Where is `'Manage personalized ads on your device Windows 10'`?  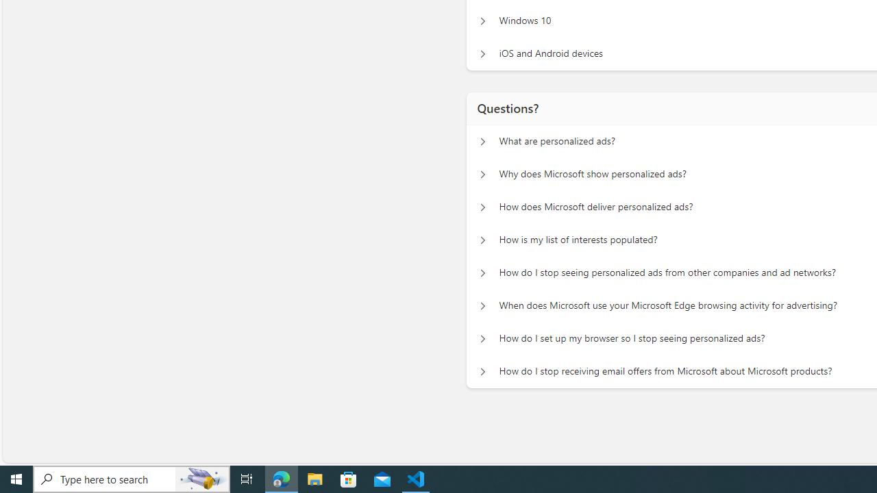
'Manage personalized ads on your device Windows 10' is located at coordinates (482, 21).